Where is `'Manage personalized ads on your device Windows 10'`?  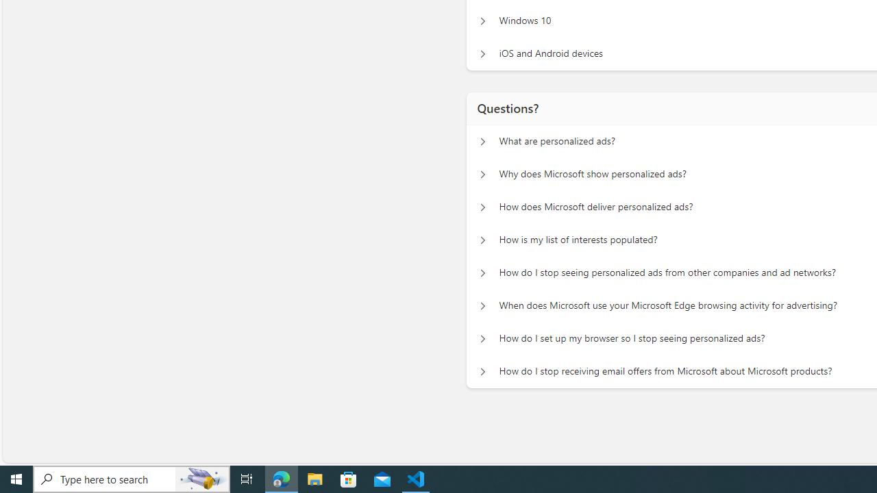
'Manage personalized ads on your device Windows 10' is located at coordinates (482, 21).